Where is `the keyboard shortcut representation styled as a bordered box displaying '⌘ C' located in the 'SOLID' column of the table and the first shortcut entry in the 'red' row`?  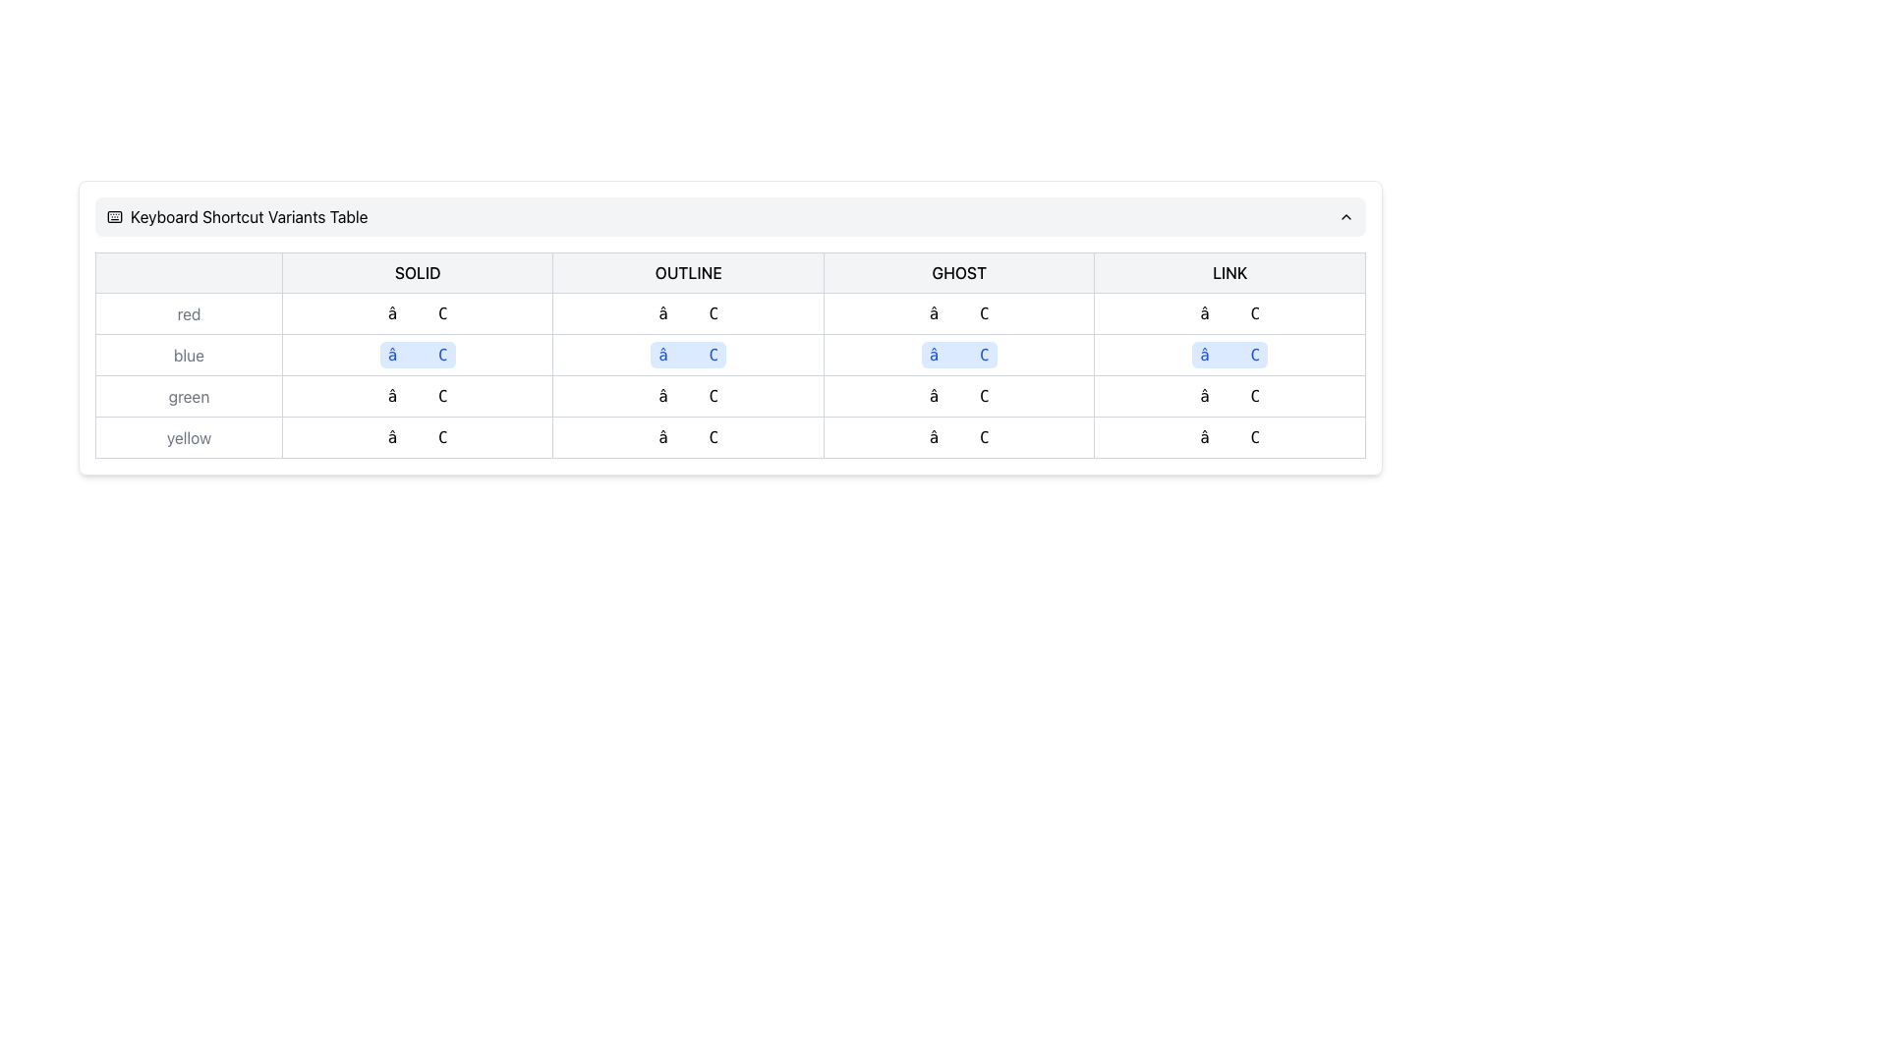 the keyboard shortcut representation styled as a bordered box displaying '⌘ C' located in the 'SOLID' column of the table and the first shortcut entry in the 'red' row is located at coordinates (417, 312).